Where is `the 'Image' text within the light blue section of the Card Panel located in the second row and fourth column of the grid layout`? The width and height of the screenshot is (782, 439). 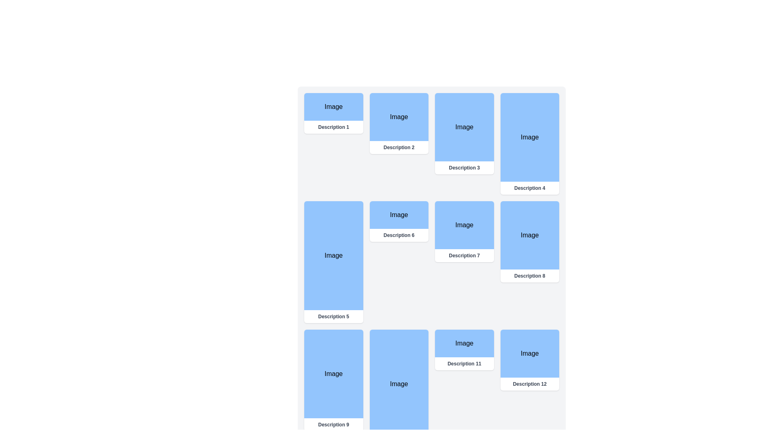
the 'Image' text within the light blue section of the Card Panel located in the second row and fourth column of the grid layout is located at coordinates (529, 241).